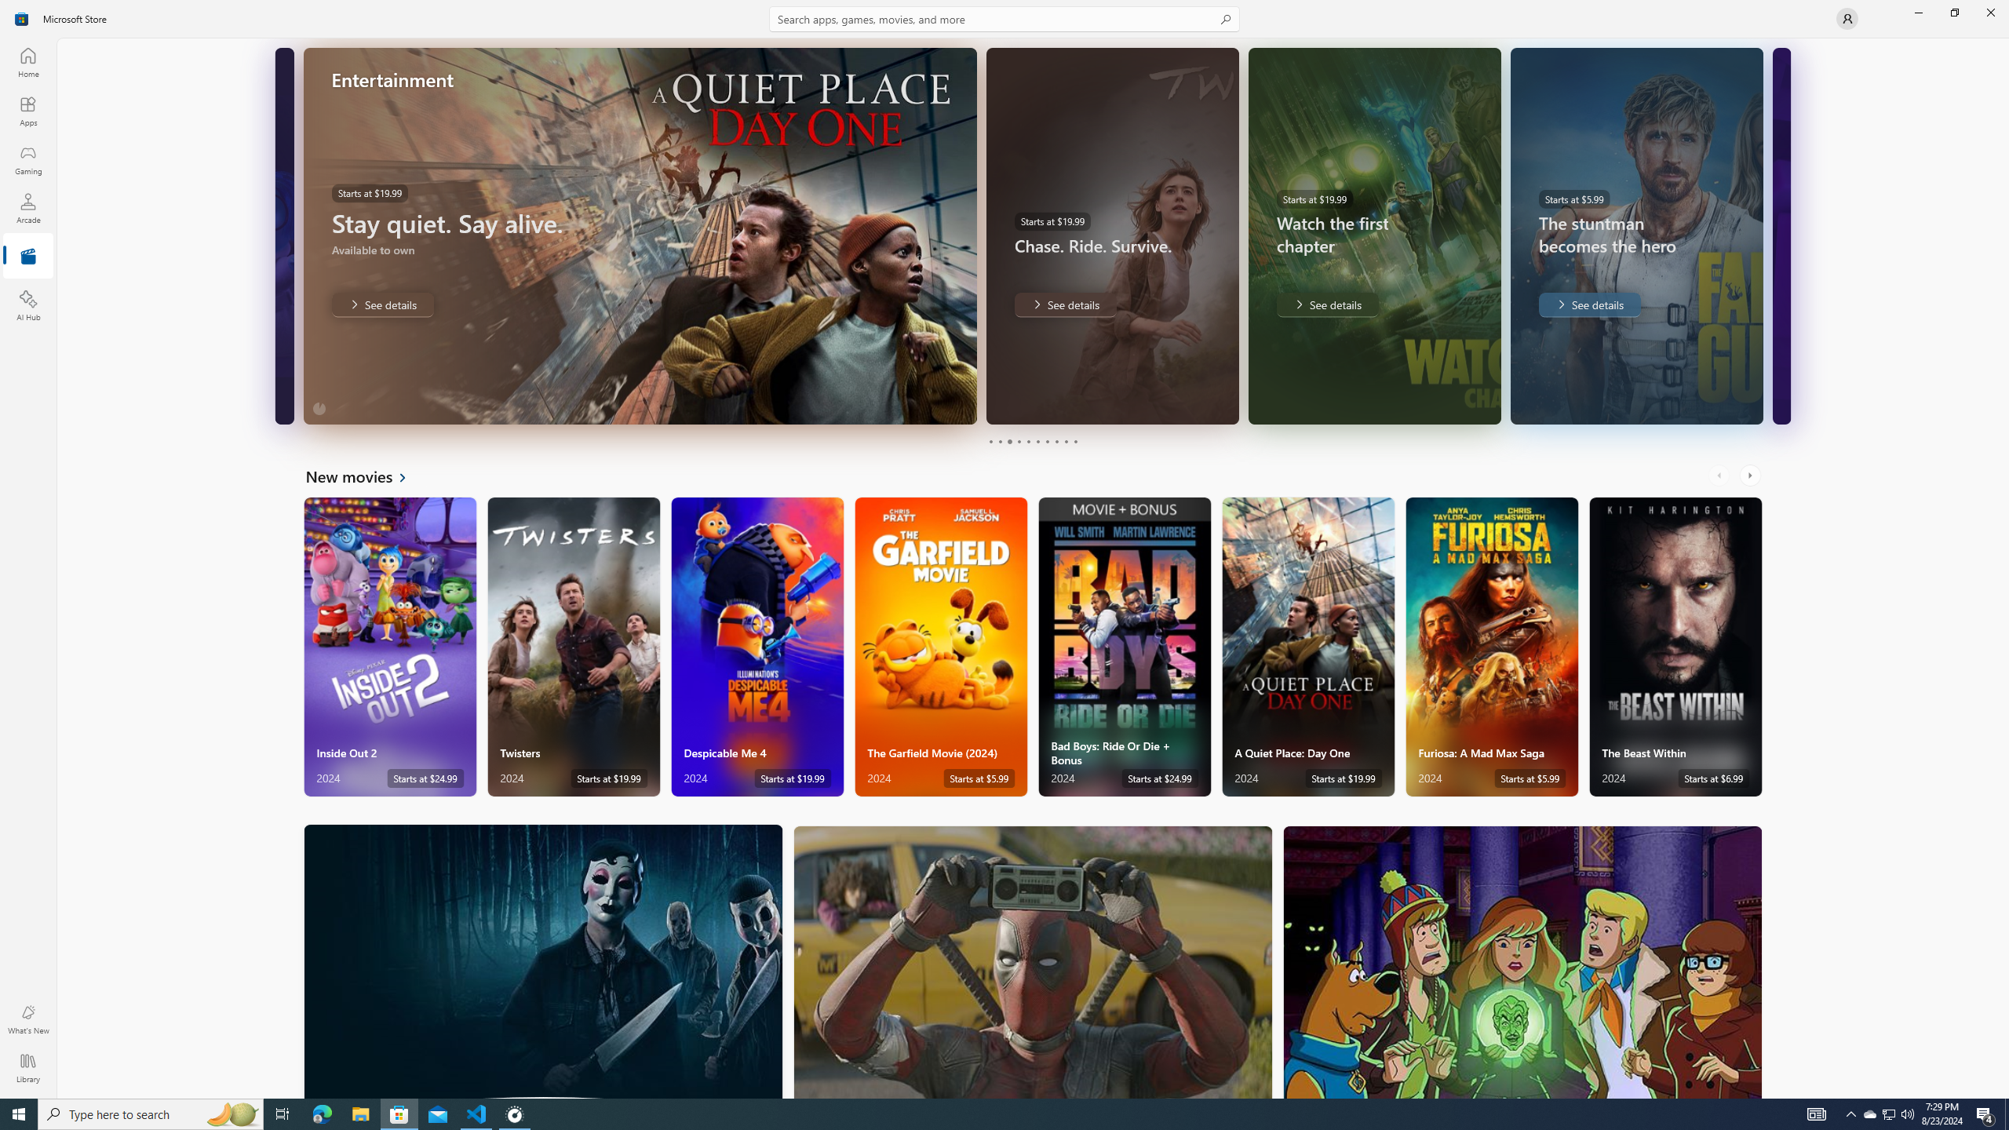 The width and height of the screenshot is (2009, 1130). What do you see at coordinates (543, 960) in the screenshot?
I see `'Horror'` at bounding box center [543, 960].